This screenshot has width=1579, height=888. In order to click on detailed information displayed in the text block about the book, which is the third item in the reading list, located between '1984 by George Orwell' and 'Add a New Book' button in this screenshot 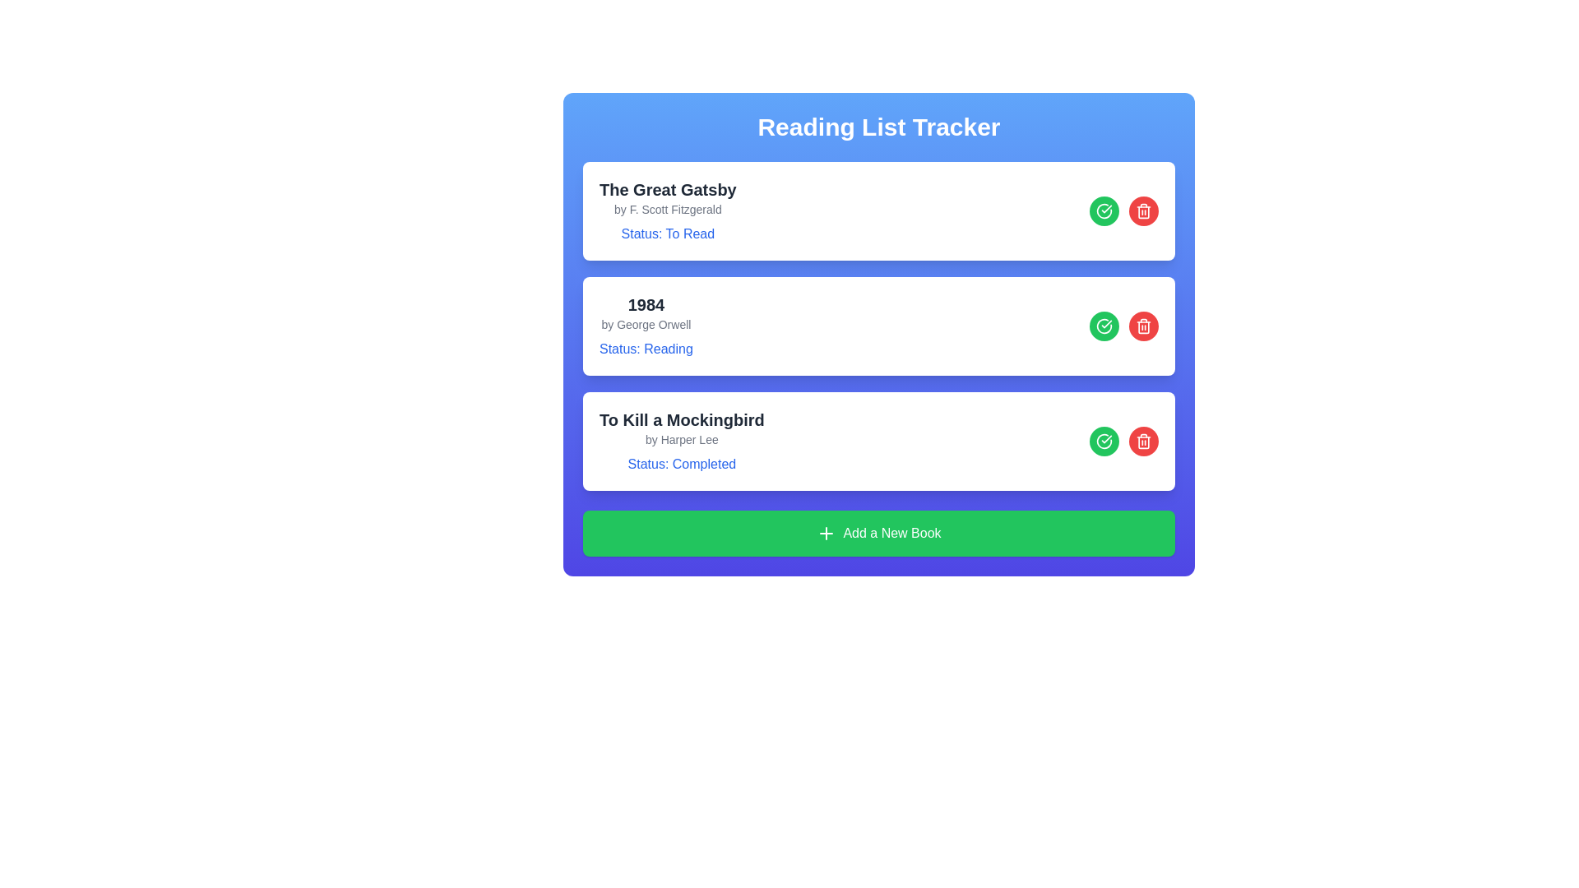, I will do `click(682, 440)`.